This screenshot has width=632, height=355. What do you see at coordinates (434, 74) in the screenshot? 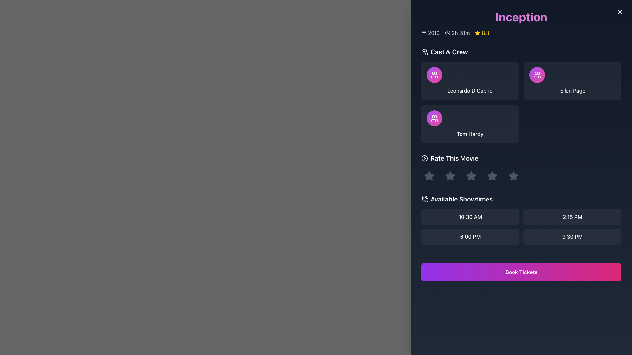
I see `the icon representing the group of persons for cast member Ellen Page, located in the top-left corner of the cast card in the 'Cast & Crew' section` at bounding box center [434, 74].